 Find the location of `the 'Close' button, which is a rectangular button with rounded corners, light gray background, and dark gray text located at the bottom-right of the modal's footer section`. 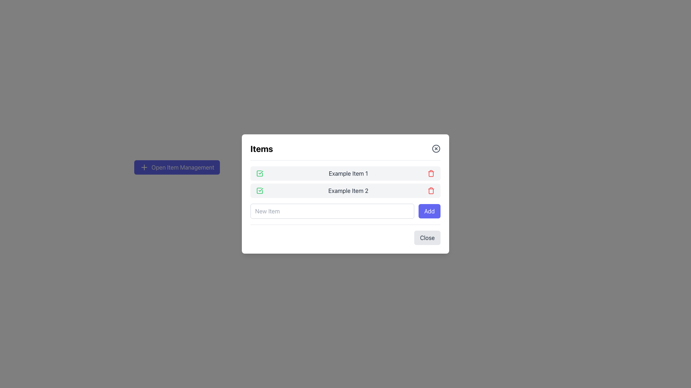

the 'Close' button, which is a rectangular button with rounded corners, light gray background, and dark gray text located at the bottom-right of the modal's footer section is located at coordinates (427, 238).